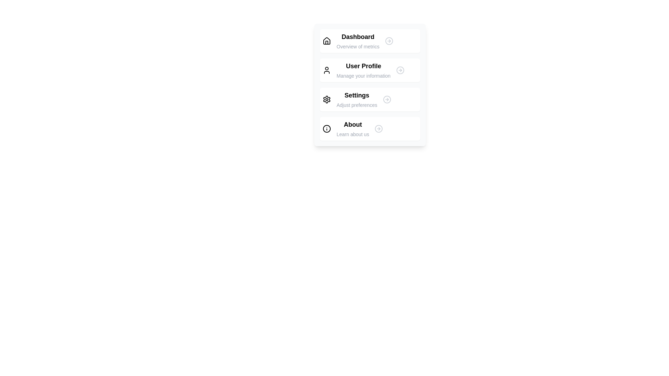  Describe the element at coordinates (326, 42) in the screenshot. I see `the decorative component of the house icon that enhances the dashboard representation, located to the left of the 'Dashboard' text` at that location.